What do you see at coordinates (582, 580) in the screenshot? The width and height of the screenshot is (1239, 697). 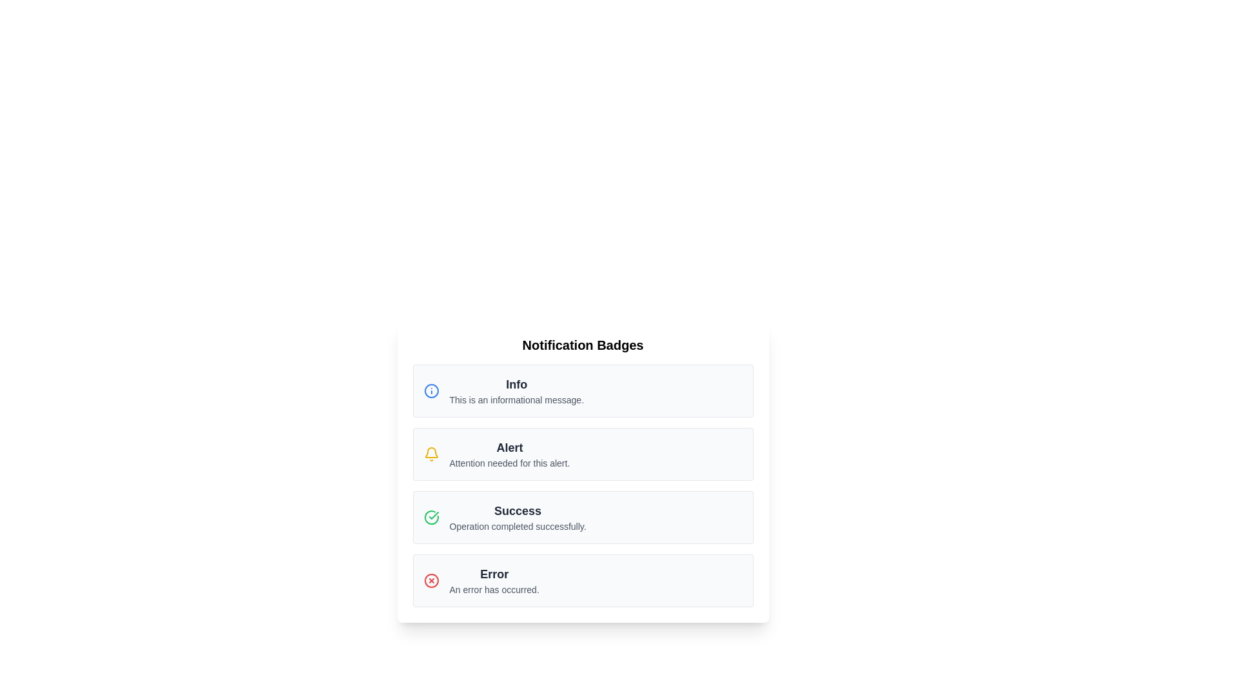 I see `the error notification card, which is the fourth card in a vertically arranged group of notification cards, positioned beneath the 'Info,' 'Alert,' and 'Success' cards` at bounding box center [582, 580].